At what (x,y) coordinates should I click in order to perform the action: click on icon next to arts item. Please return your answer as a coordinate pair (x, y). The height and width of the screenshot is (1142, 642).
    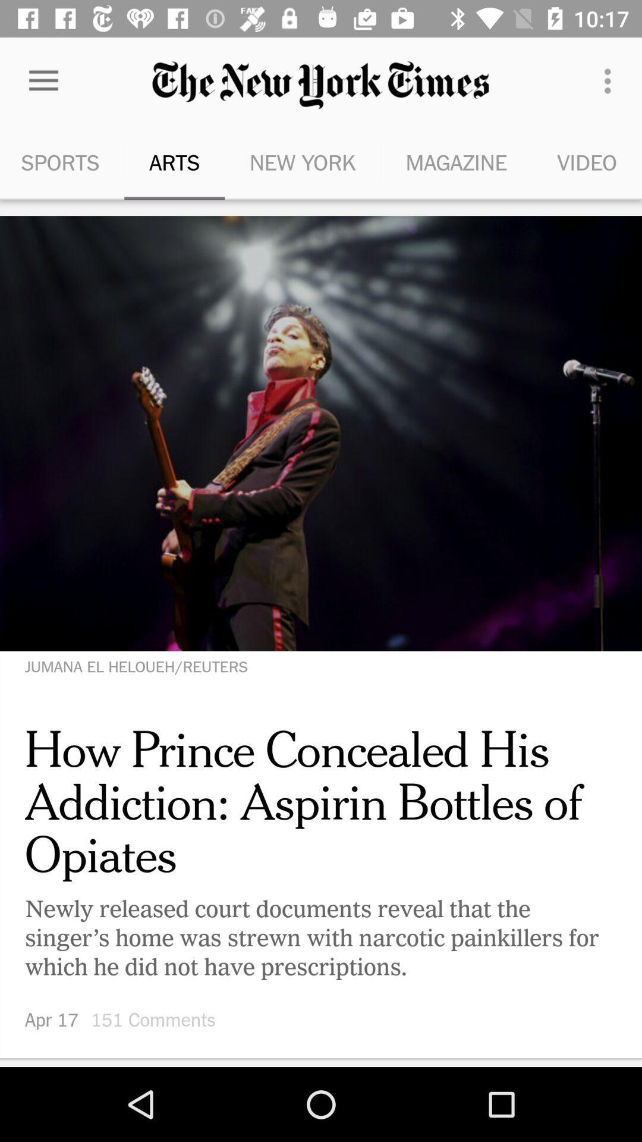
    Looking at the image, I should click on (43, 80).